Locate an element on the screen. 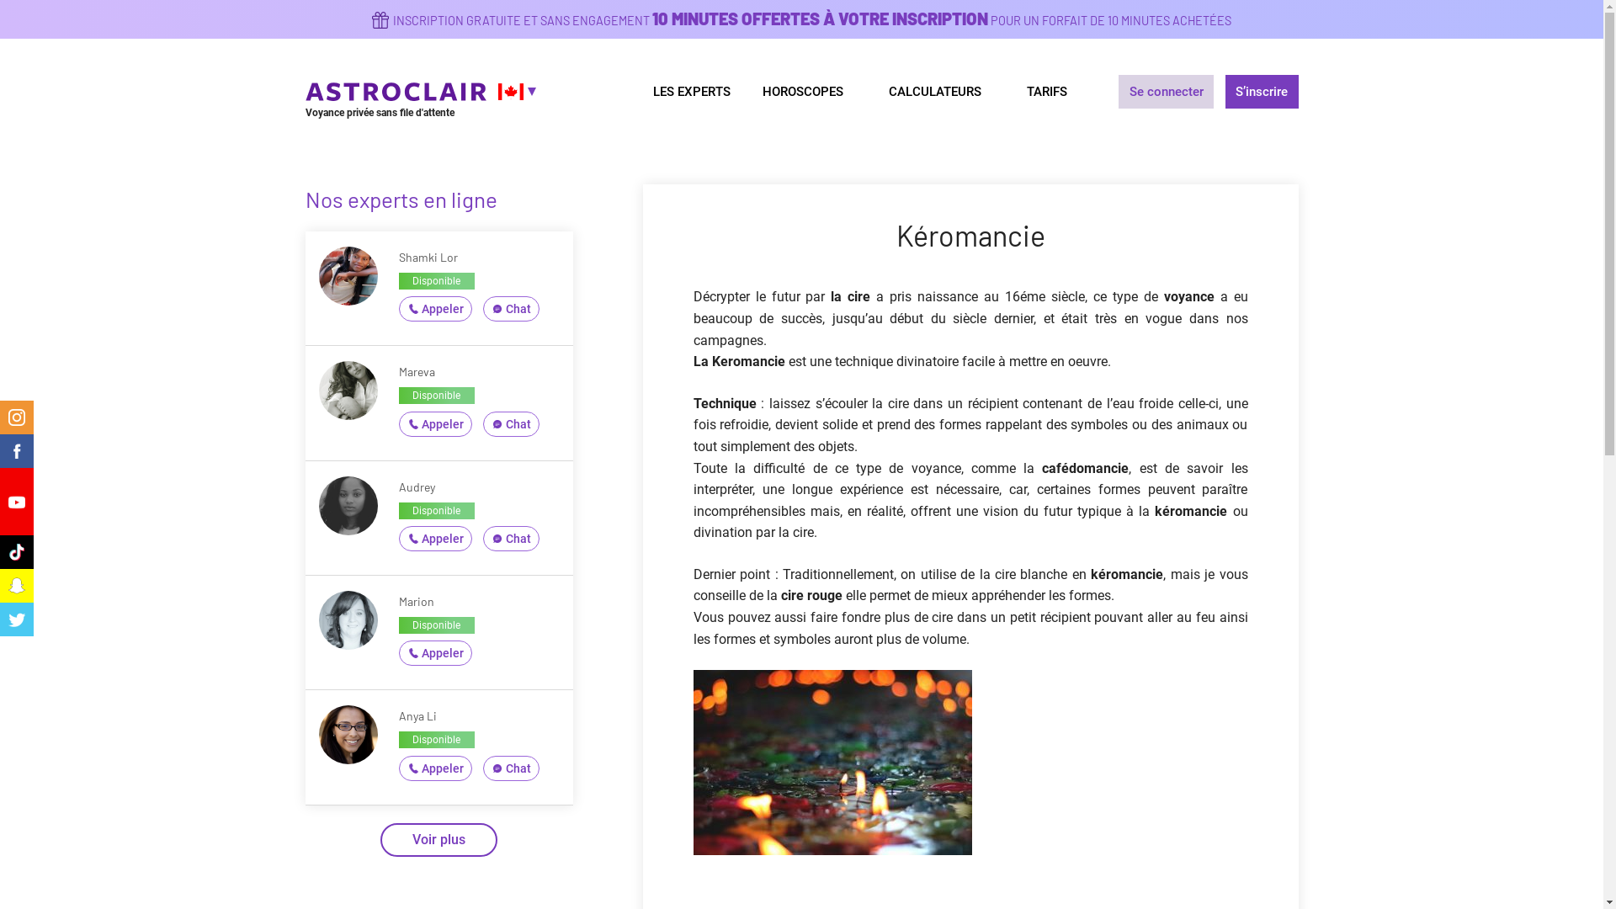  'Appeler' is located at coordinates (435, 539).